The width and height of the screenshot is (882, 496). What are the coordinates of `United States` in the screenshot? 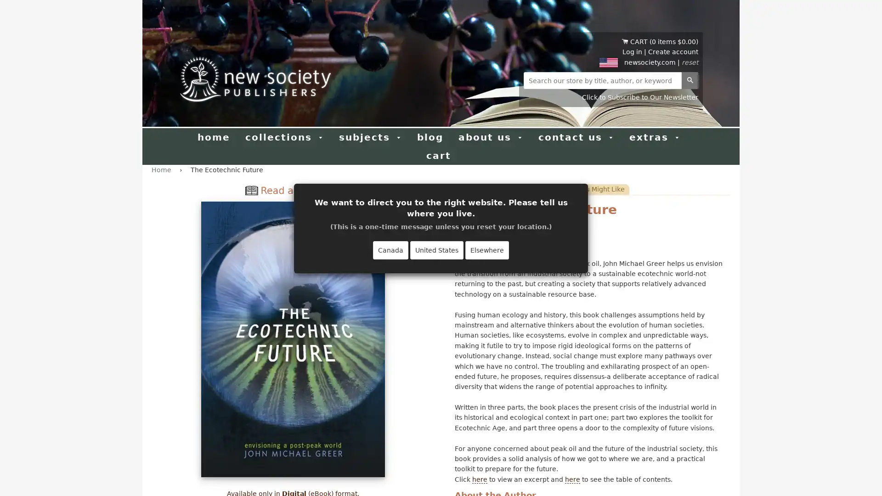 It's located at (436, 250).